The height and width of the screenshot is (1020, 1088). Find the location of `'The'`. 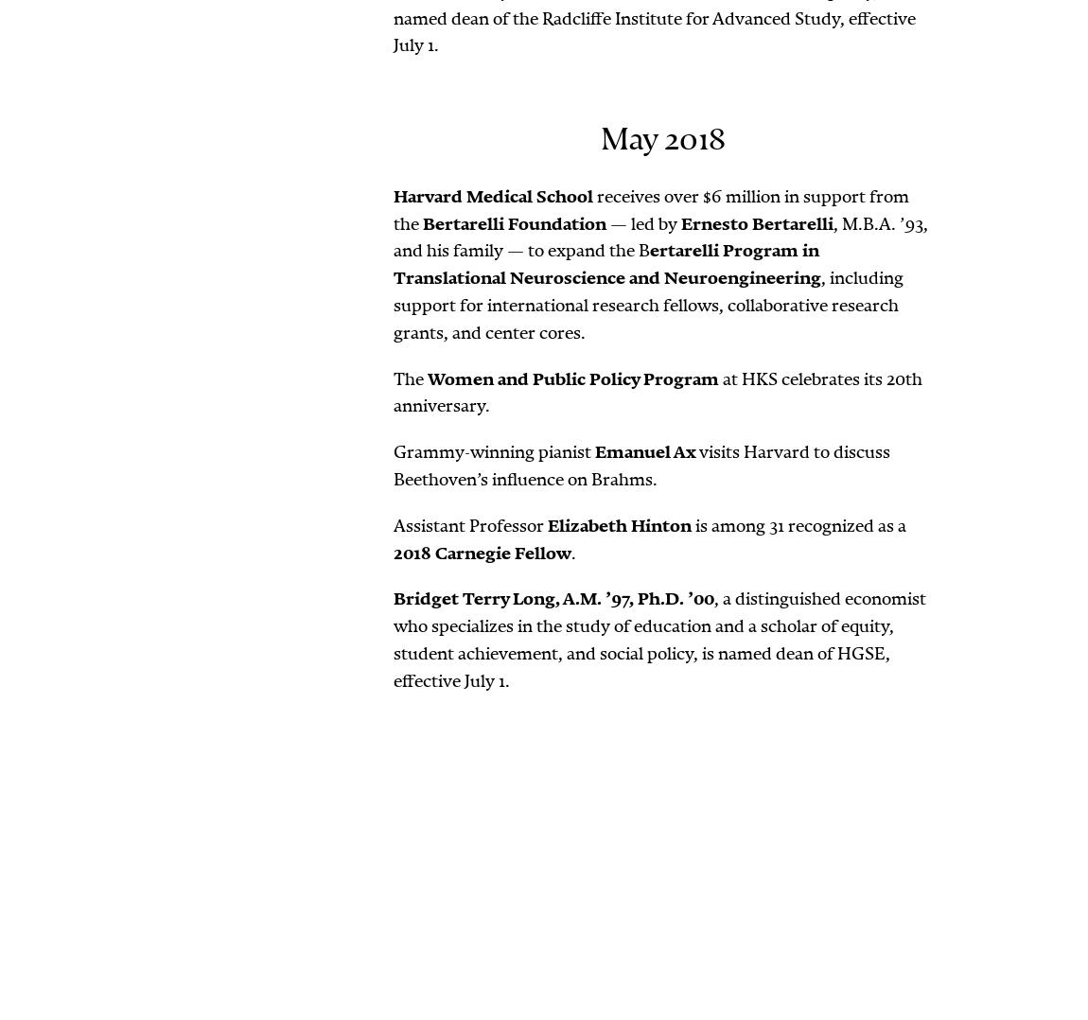

'The' is located at coordinates (411, 378).